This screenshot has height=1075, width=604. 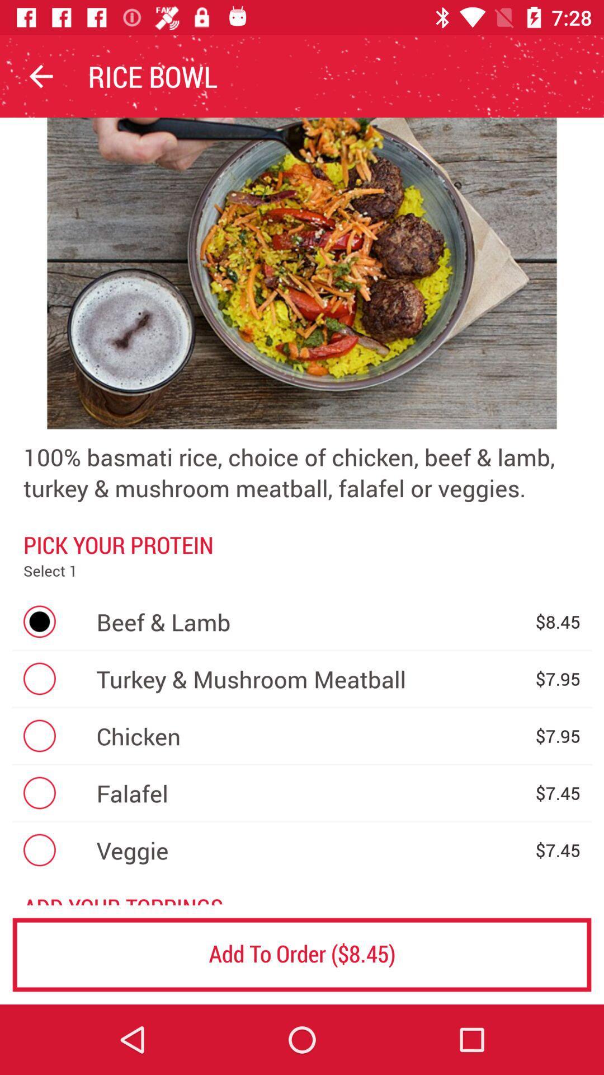 What do you see at coordinates (302, 954) in the screenshot?
I see `the add to order` at bounding box center [302, 954].